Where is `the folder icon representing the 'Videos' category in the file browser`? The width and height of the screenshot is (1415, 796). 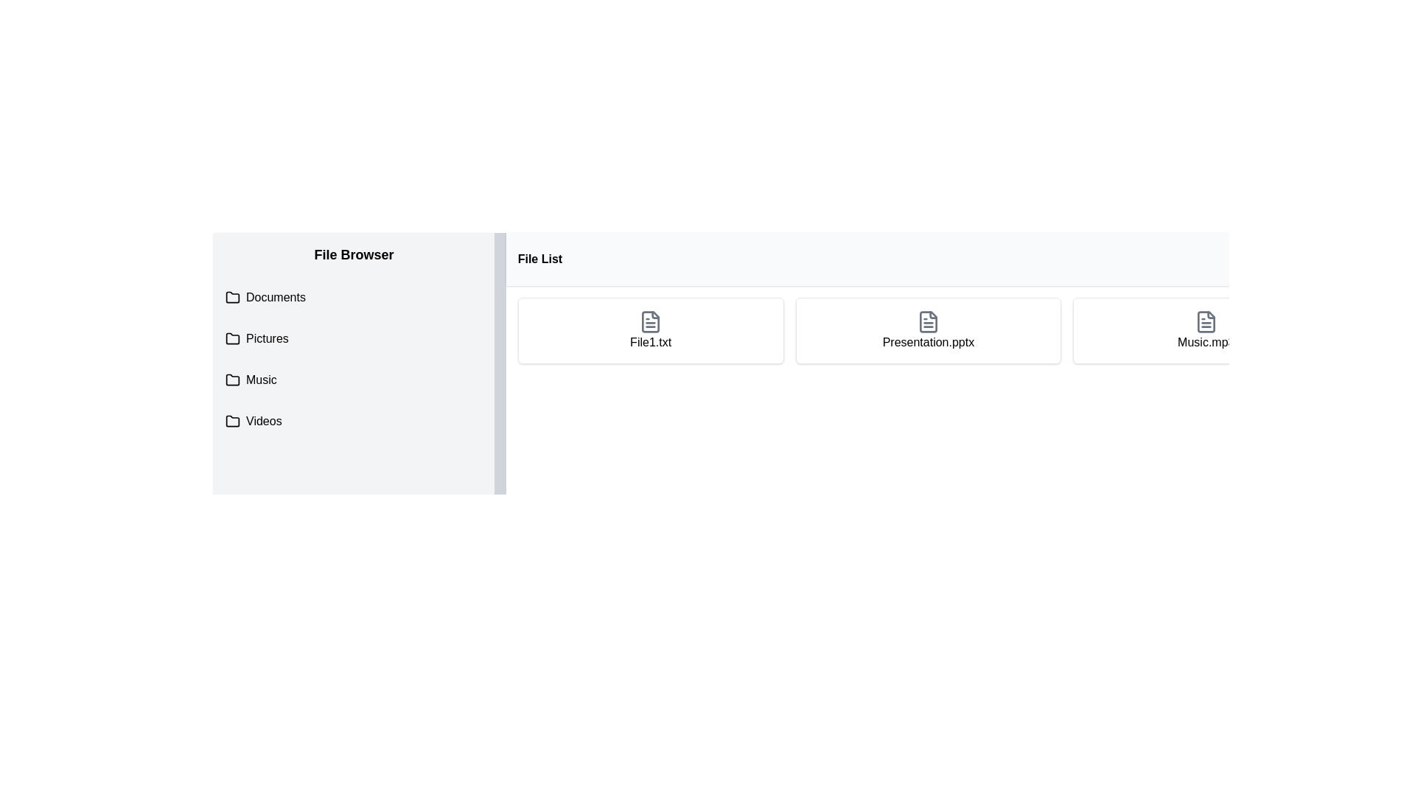
the folder icon representing the 'Videos' category in the file browser is located at coordinates (232, 421).